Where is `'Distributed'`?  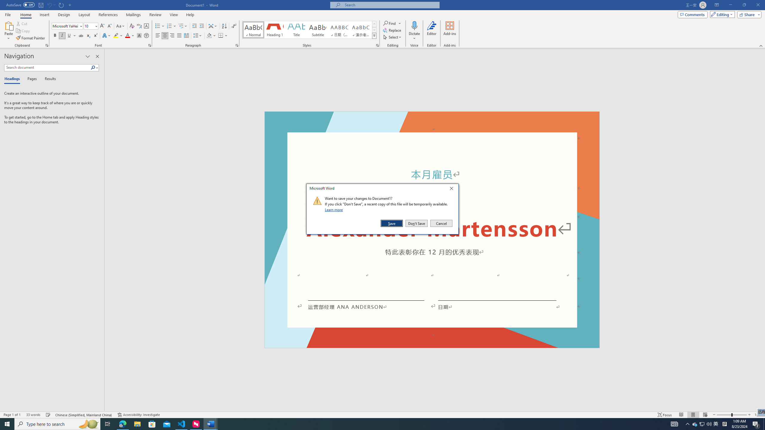 'Distributed' is located at coordinates (186, 35).